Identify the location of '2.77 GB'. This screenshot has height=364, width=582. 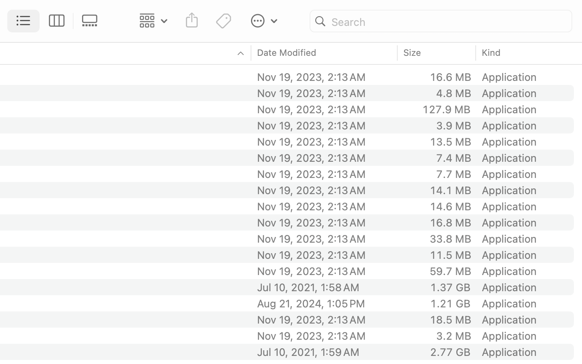
(449, 352).